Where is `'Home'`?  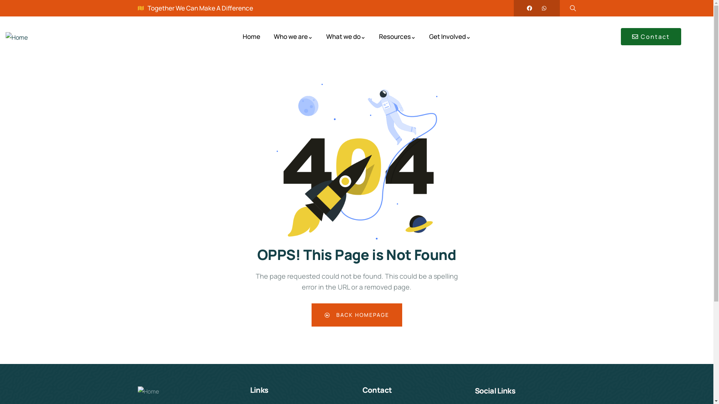 'Home' is located at coordinates (148, 391).